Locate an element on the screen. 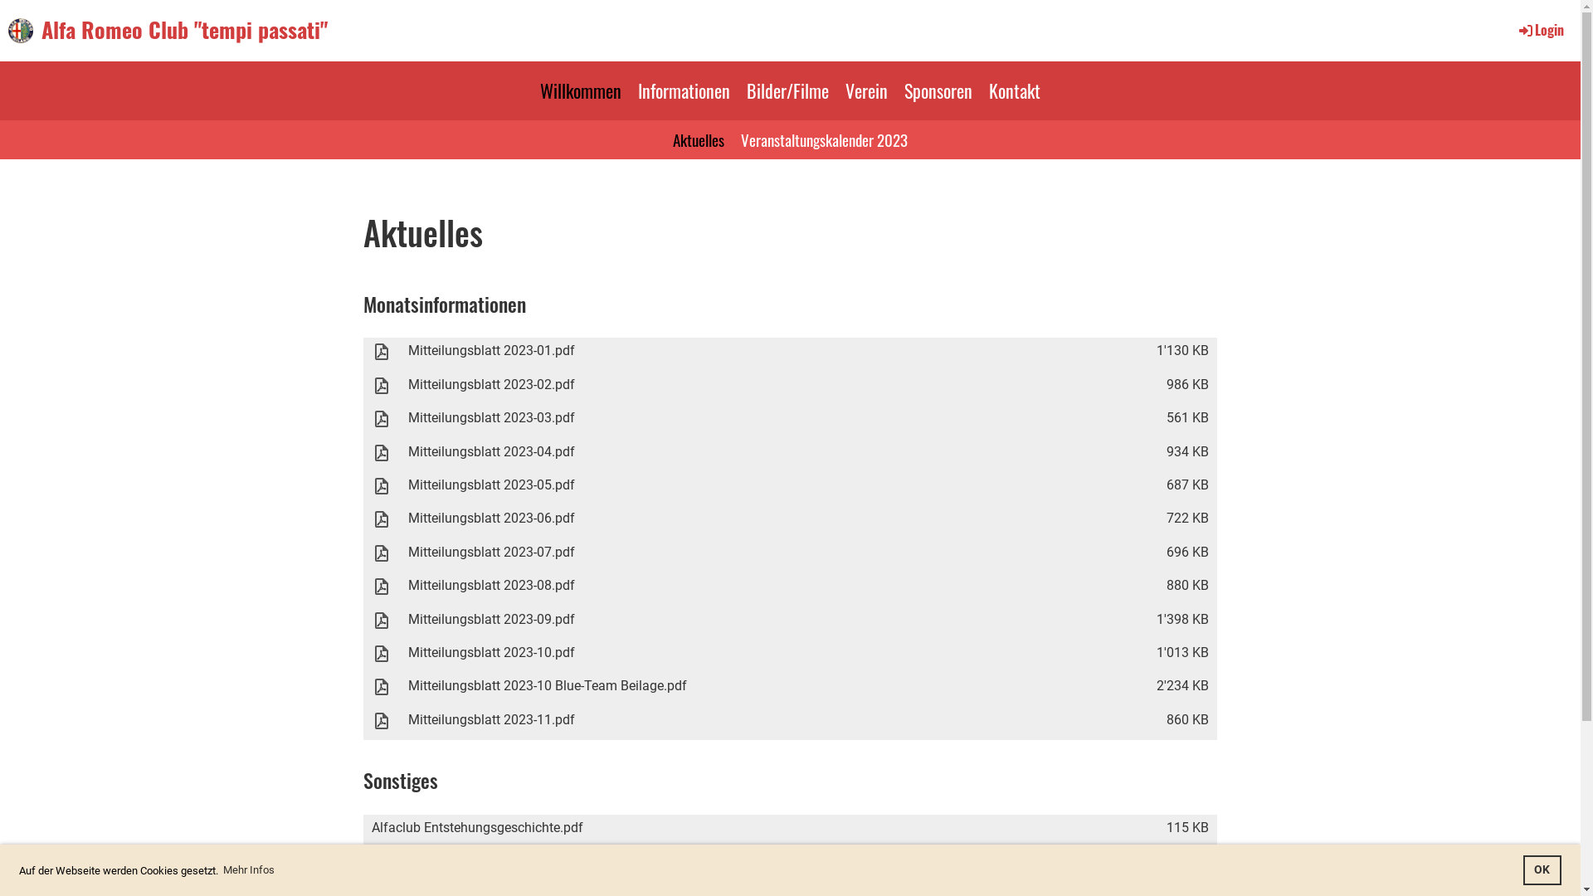 The height and width of the screenshot is (896, 1593). 'Bilder/Filme' is located at coordinates (787, 90).